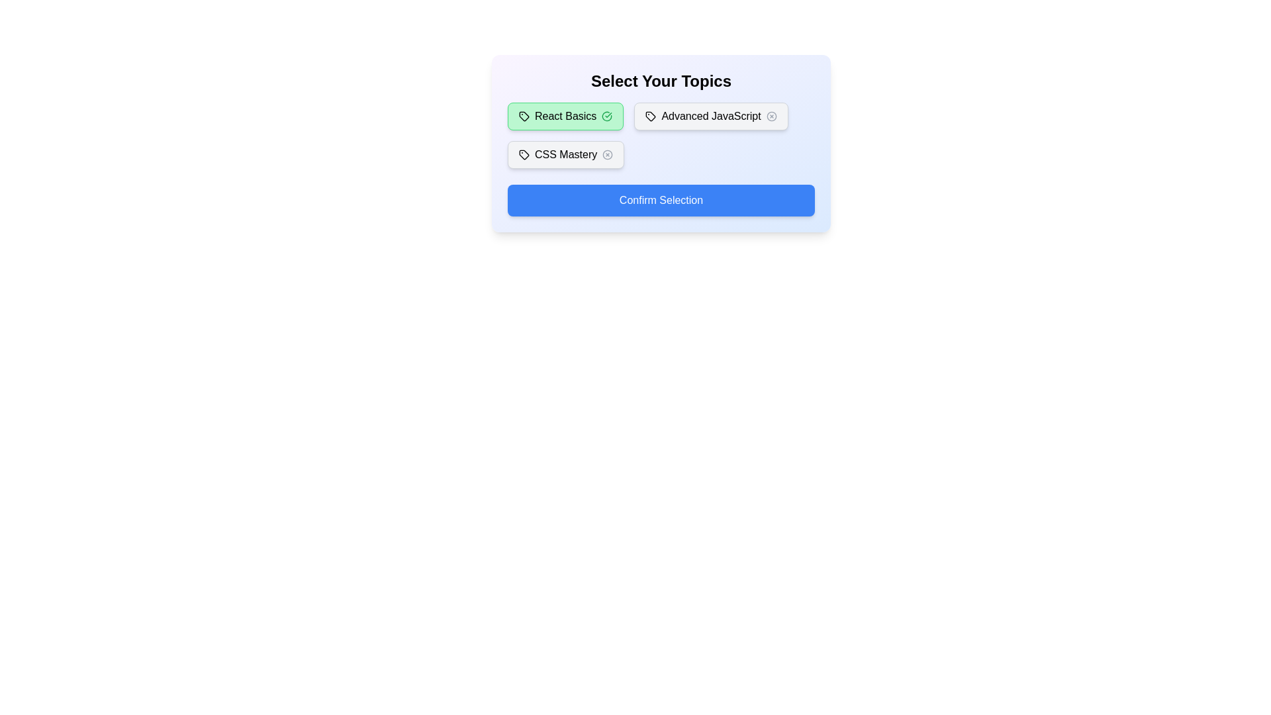 The height and width of the screenshot is (715, 1271). I want to click on the tag labeled CSS Mastery to toggle its active state, so click(566, 154).